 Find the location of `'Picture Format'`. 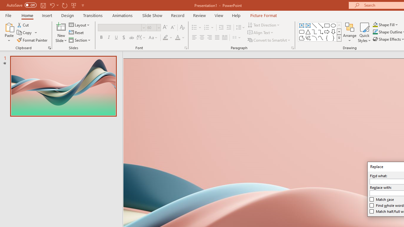

'Picture Format' is located at coordinates (264, 15).